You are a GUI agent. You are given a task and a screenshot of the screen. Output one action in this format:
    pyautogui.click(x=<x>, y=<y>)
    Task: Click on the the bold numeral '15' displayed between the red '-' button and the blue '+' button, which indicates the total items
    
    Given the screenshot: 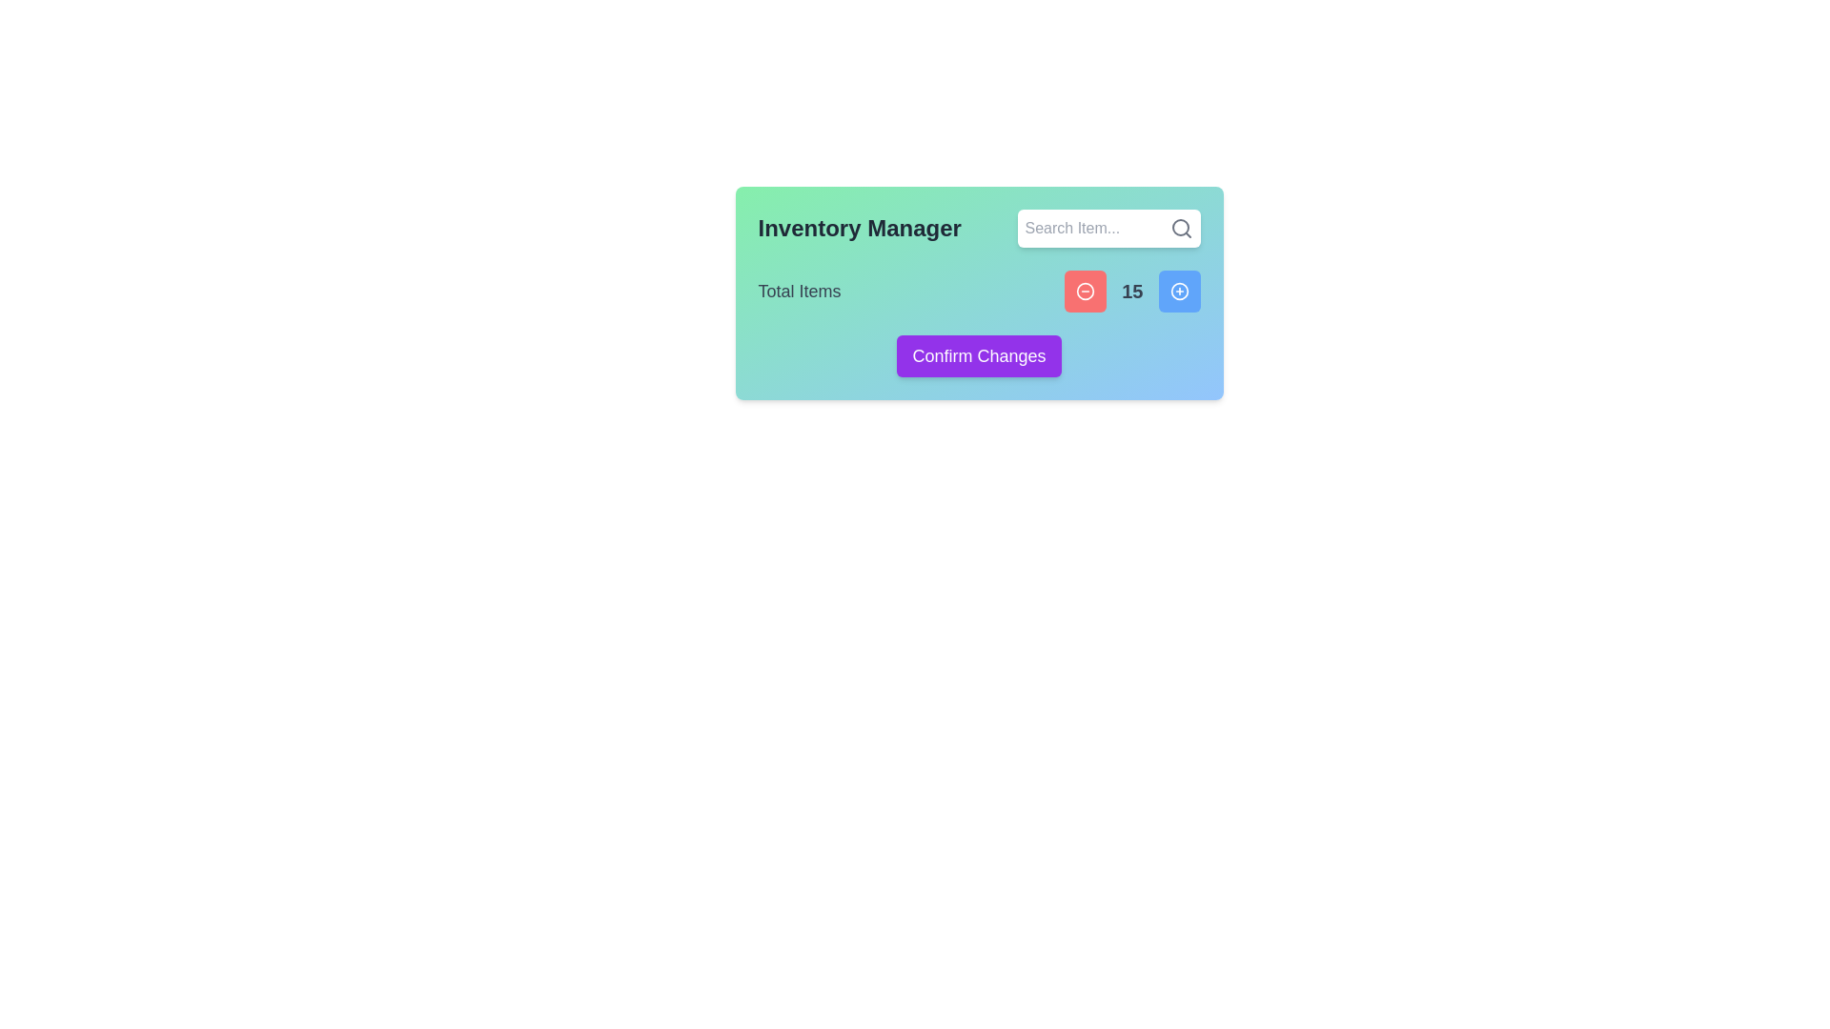 What is the action you would take?
    pyautogui.click(x=1132, y=291)
    